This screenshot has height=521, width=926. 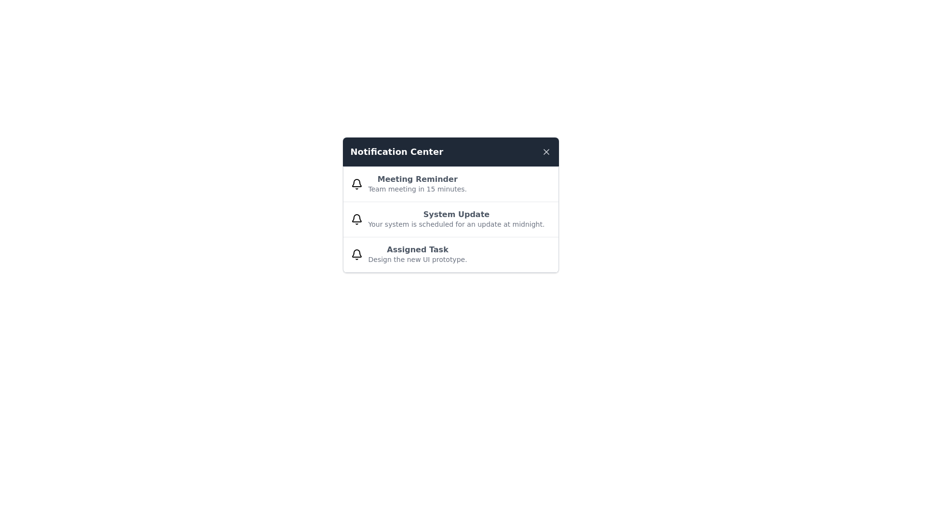 I want to click on the static informational text located directly beneath the 'System Update' title in the second notification card of the notification panel, so click(x=456, y=224).